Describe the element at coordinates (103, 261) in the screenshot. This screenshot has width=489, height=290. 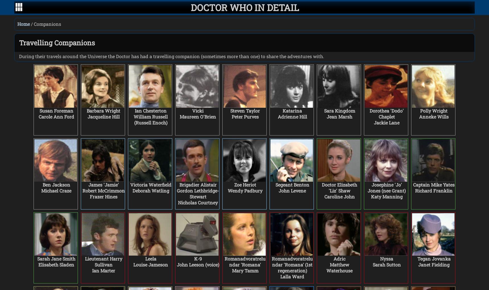
I see `'Lieutenant Harry Sullivan'` at that location.